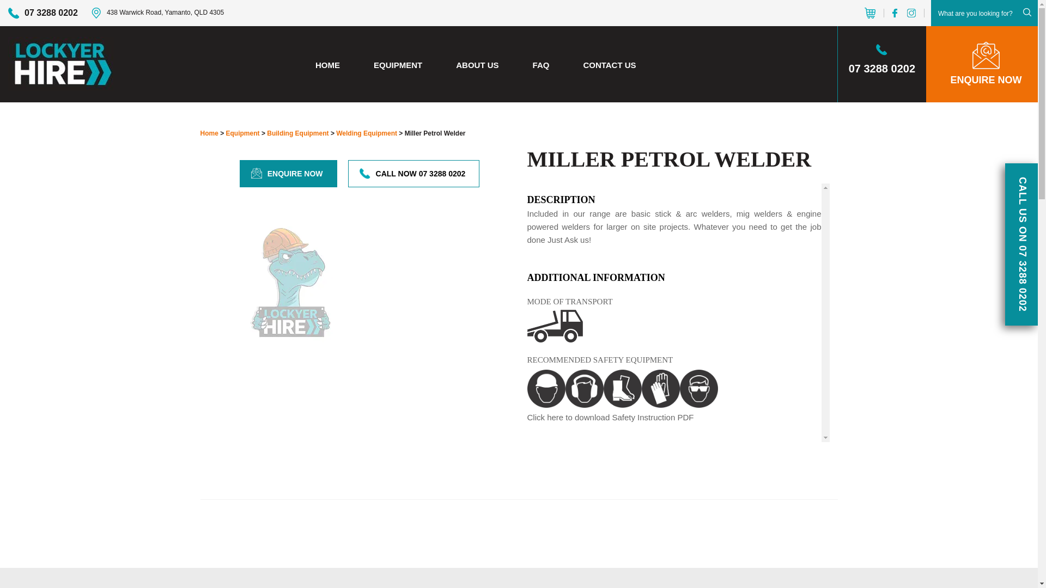 The width and height of the screenshot is (1046, 588). What do you see at coordinates (347, 173) in the screenshot?
I see `'CALL NOW 07 3288 0202'` at bounding box center [347, 173].